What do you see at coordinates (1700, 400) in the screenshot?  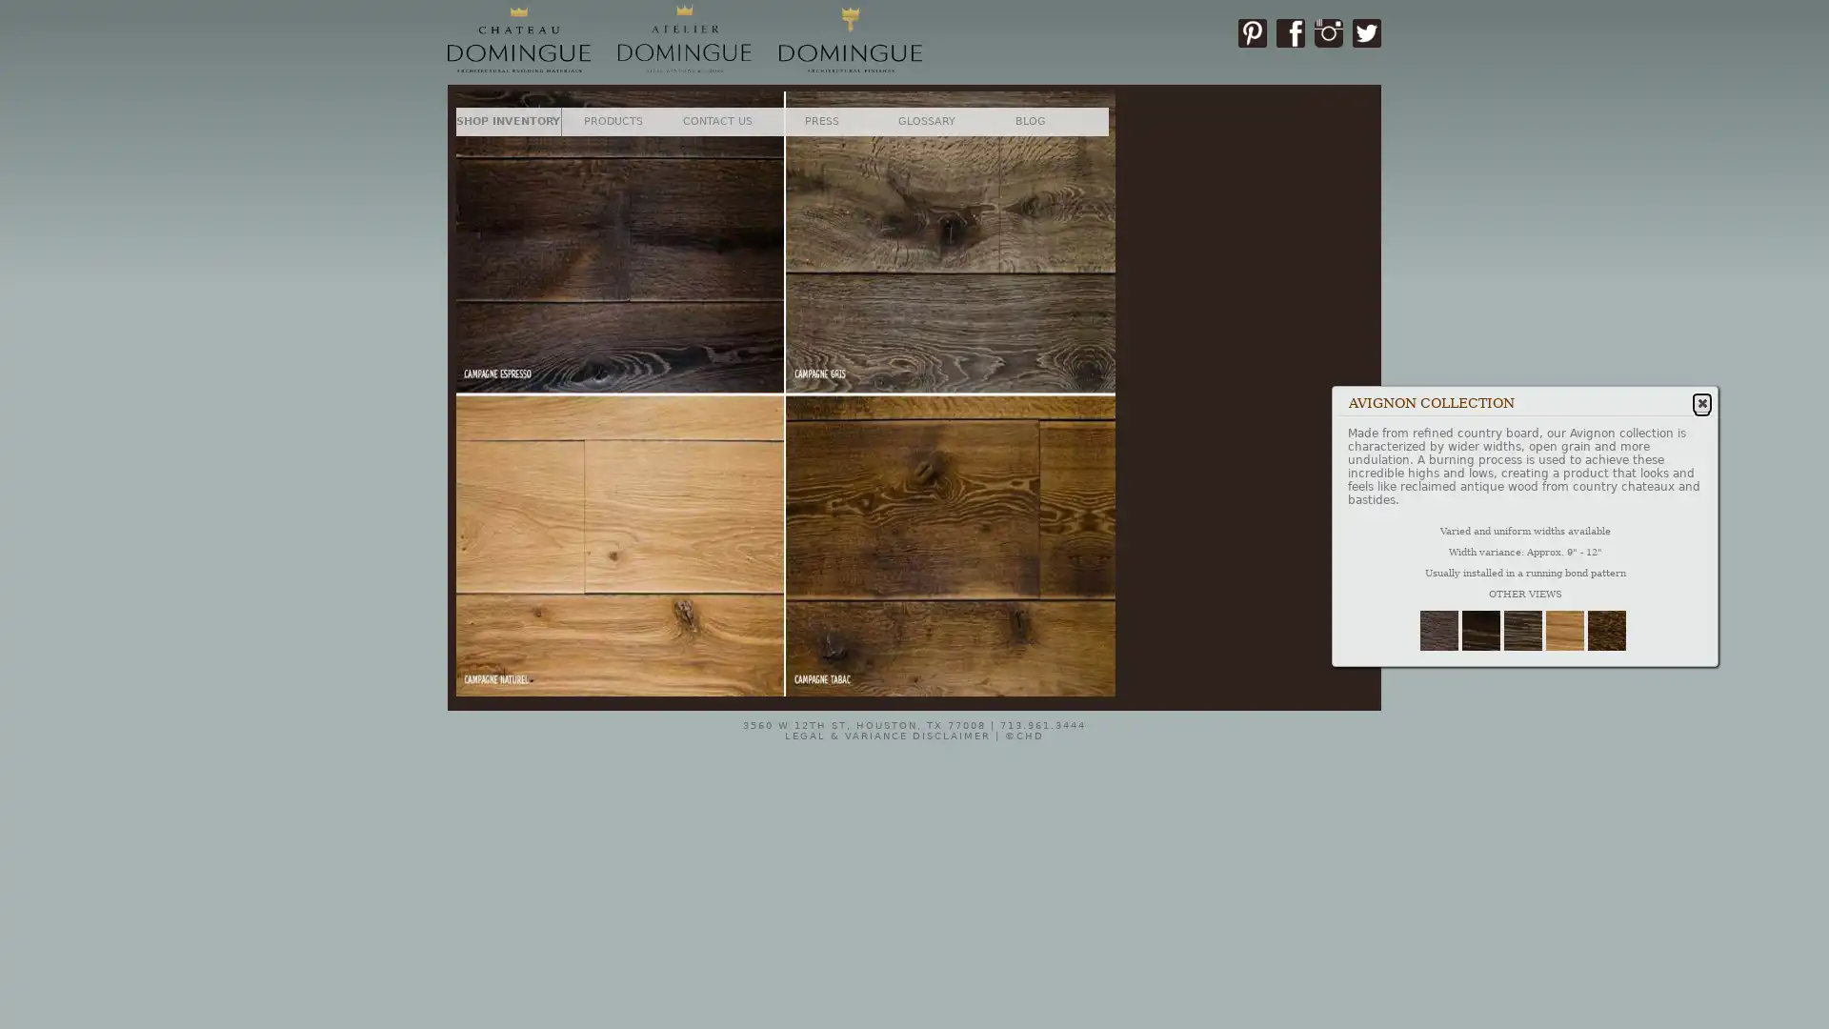 I see `Close` at bounding box center [1700, 400].